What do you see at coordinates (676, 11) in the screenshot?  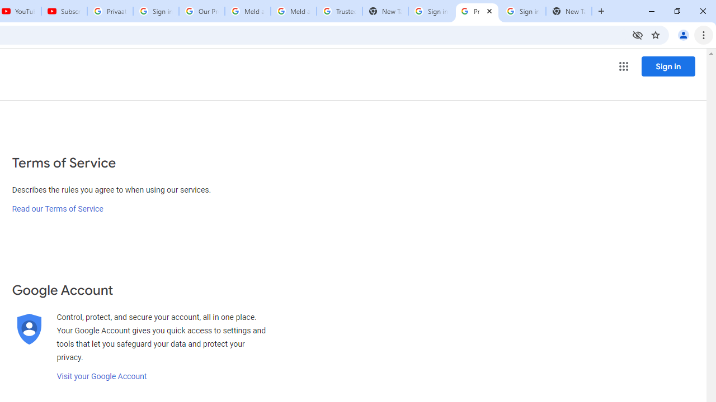 I see `'Restore'` at bounding box center [676, 11].